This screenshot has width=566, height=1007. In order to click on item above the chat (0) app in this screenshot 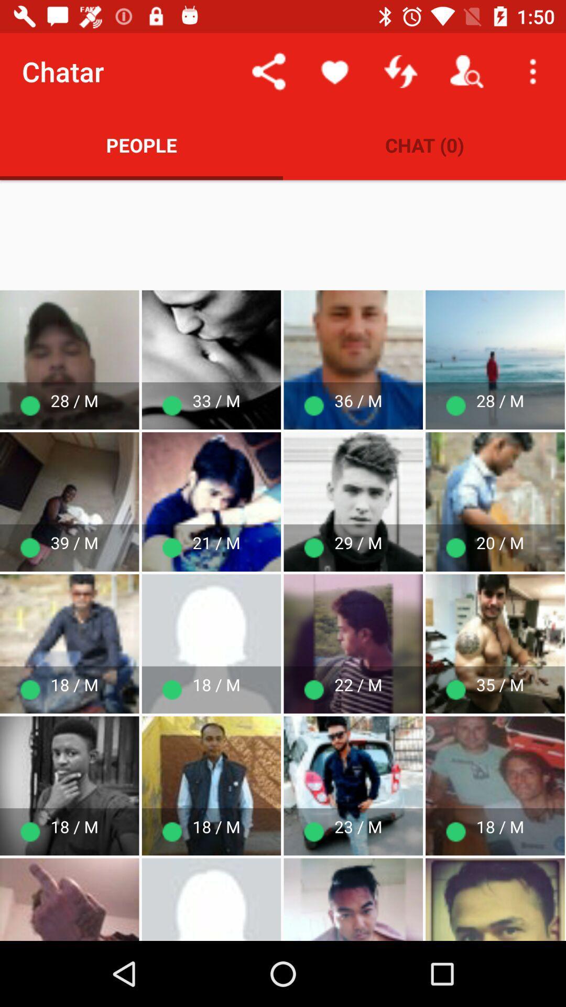, I will do `click(533, 71)`.